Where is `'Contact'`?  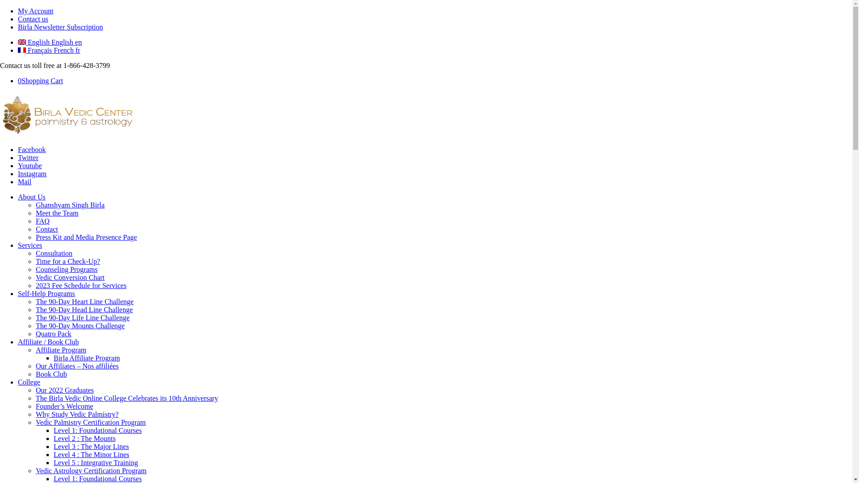 'Contact' is located at coordinates (36, 229).